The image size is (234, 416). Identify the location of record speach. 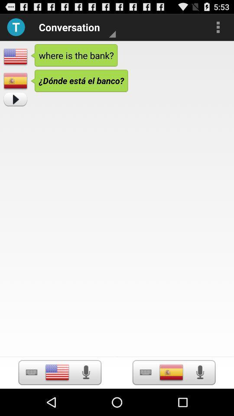
(86, 372).